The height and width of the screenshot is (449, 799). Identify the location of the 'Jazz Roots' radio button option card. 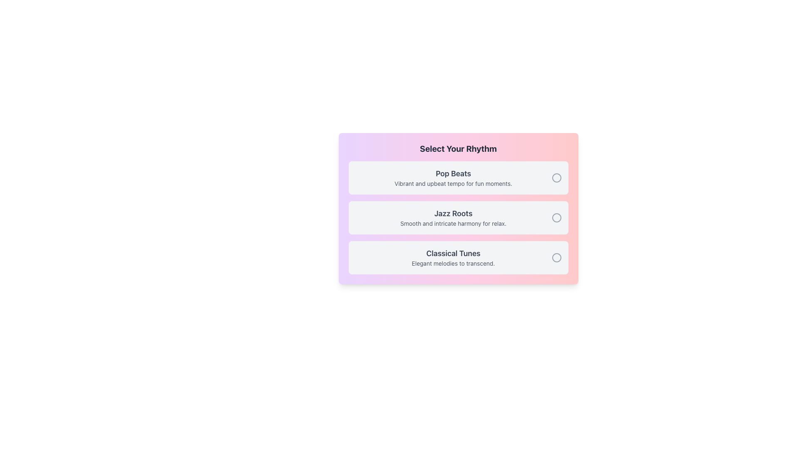
(458, 217).